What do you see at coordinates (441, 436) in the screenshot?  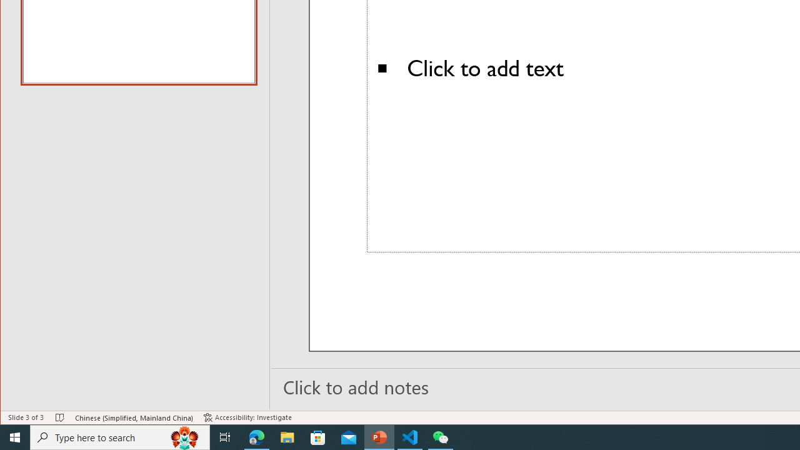 I see `'WeChat - 1 running window'` at bounding box center [441, 436].